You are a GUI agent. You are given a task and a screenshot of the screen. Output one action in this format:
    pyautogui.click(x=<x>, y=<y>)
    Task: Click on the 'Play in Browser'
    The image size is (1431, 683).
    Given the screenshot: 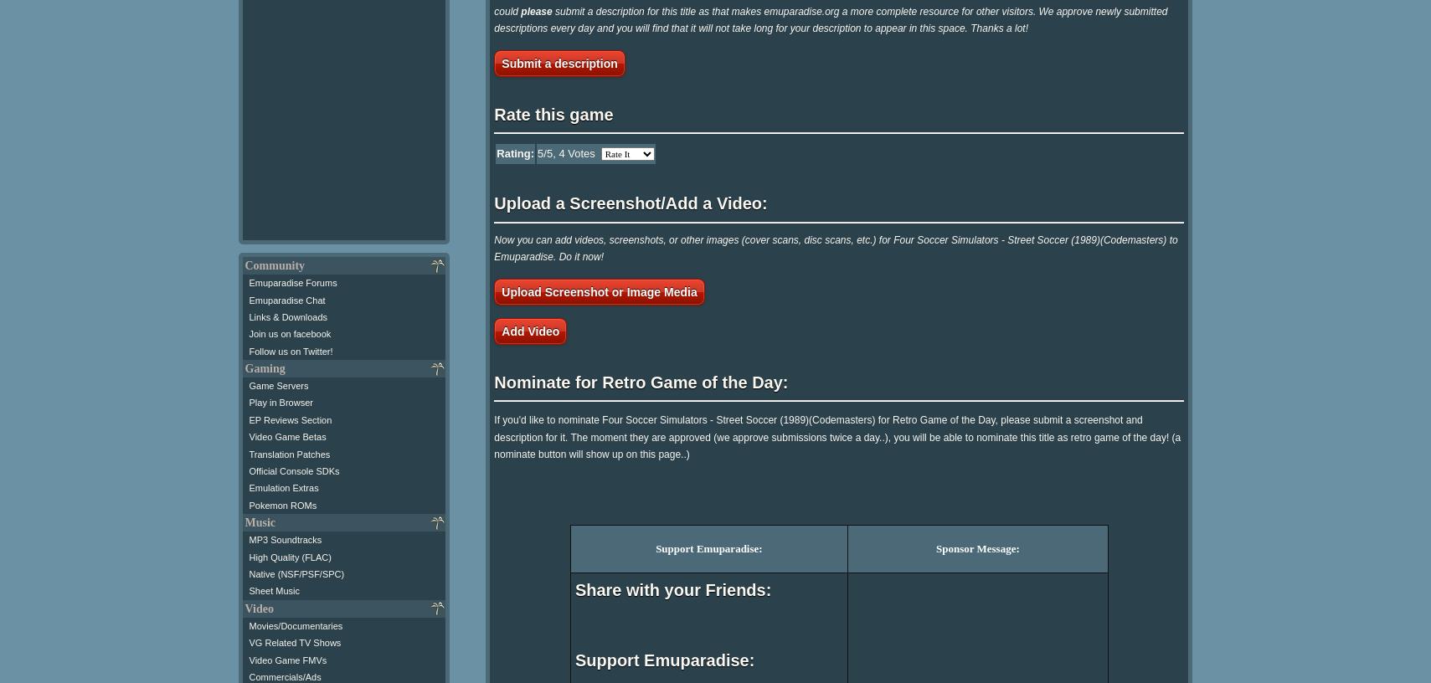 What is the action you would take?
    pyautogui.click(x=279, y=402)
    